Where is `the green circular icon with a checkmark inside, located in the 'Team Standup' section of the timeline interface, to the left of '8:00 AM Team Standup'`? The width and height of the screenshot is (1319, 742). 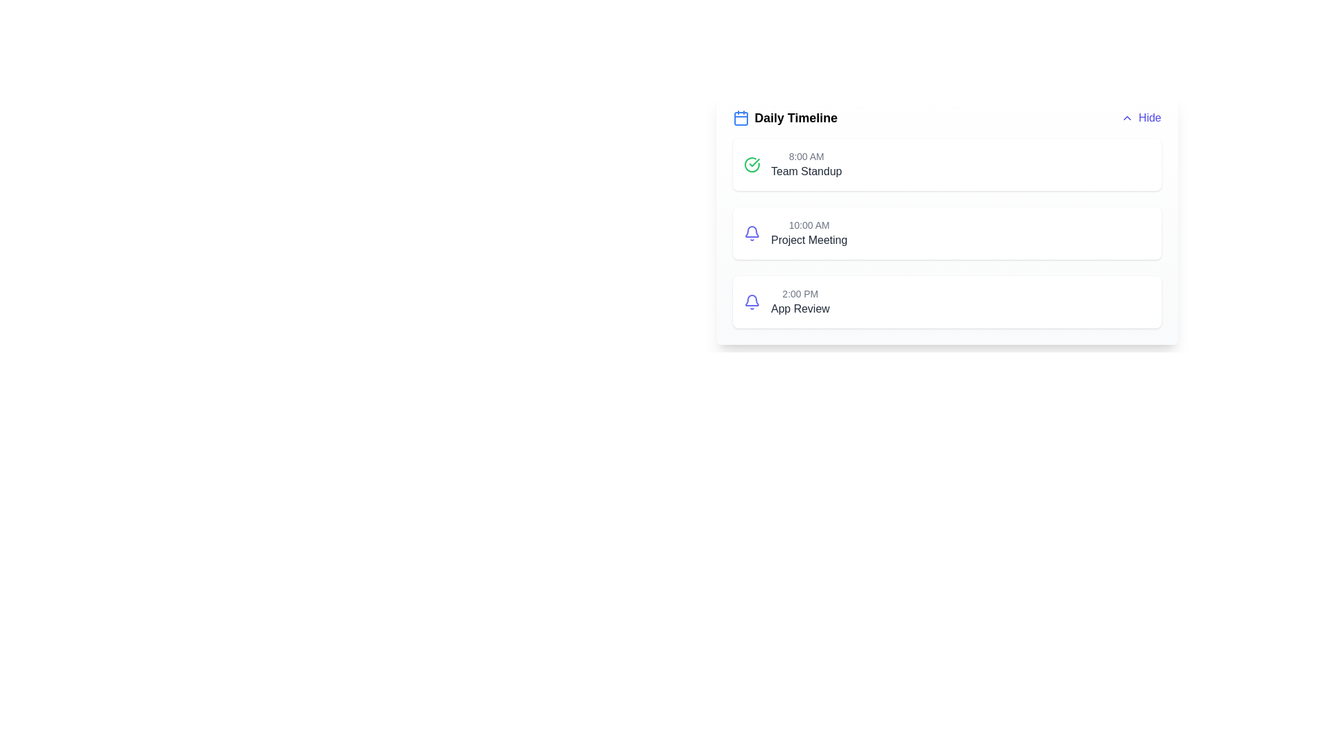 the green circular icon with a checkmark inside, located in the 'Team Standup' section of the timeline interface, to the left of '8:00 AM Team Standup' is located at coordinates (751, 164).